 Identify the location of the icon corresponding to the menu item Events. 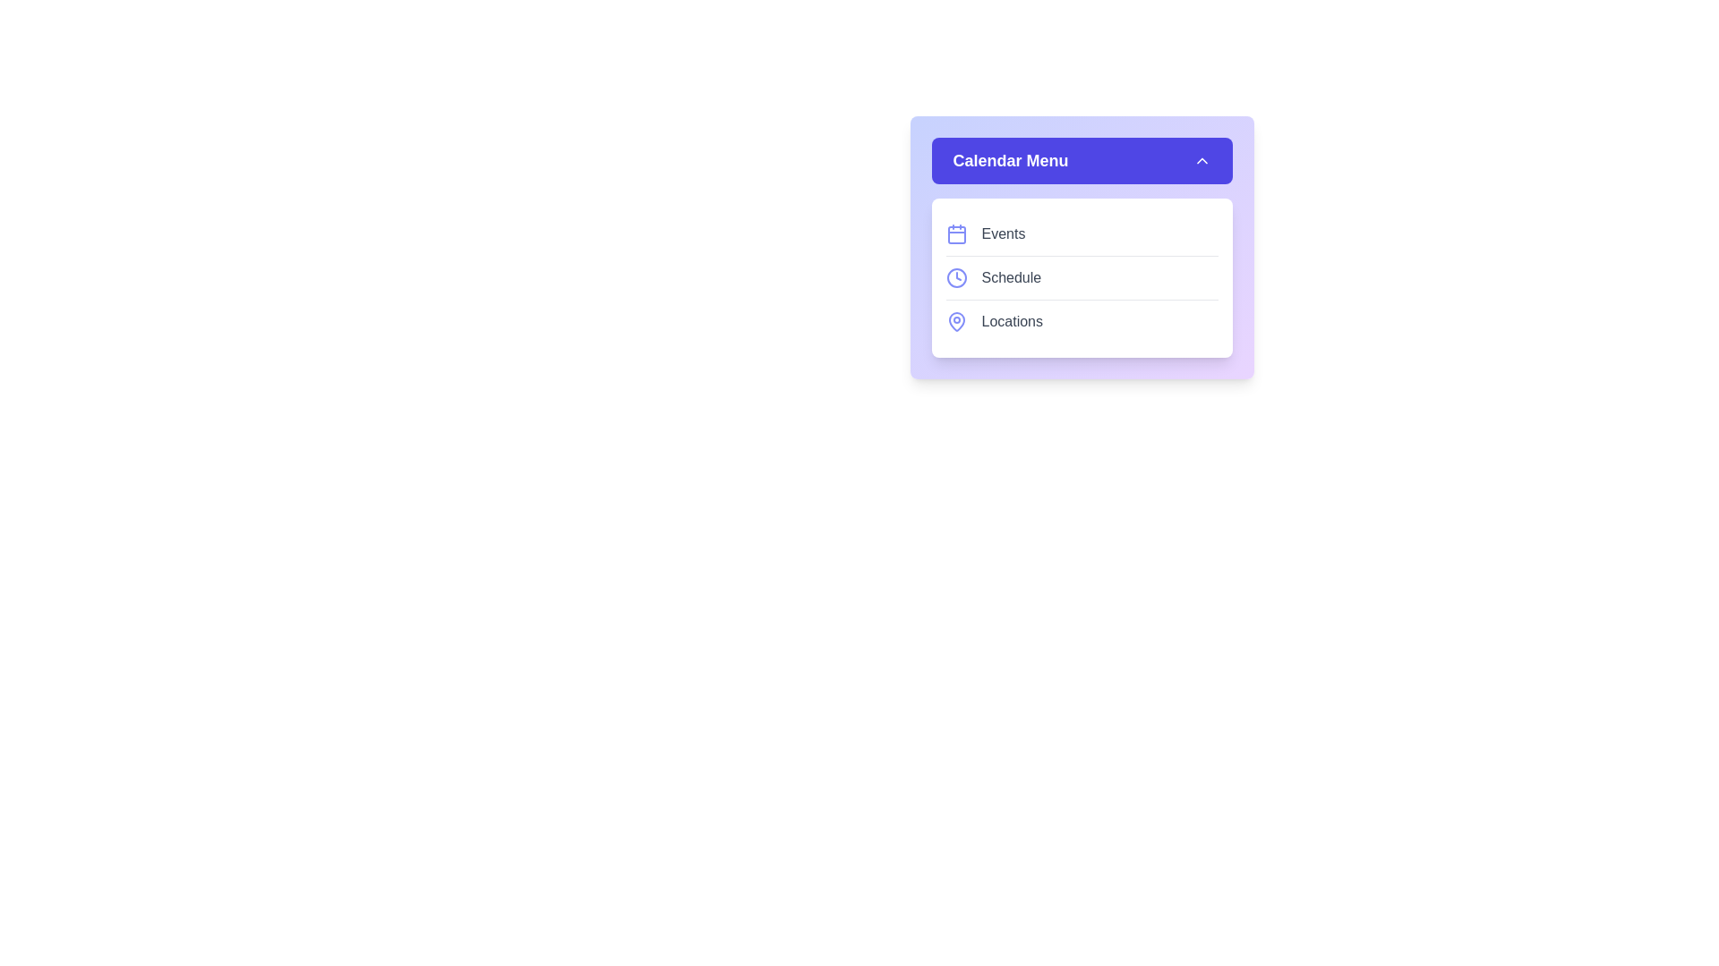
(955, 233).